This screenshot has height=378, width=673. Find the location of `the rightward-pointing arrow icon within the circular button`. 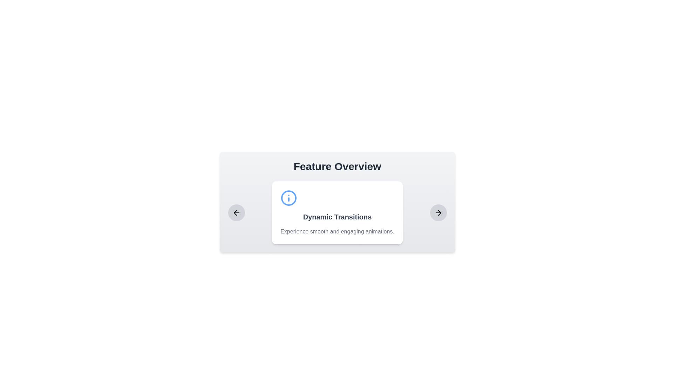

the rightward-pointing arrow icon within the circular button is located at coordinates (439, 212).